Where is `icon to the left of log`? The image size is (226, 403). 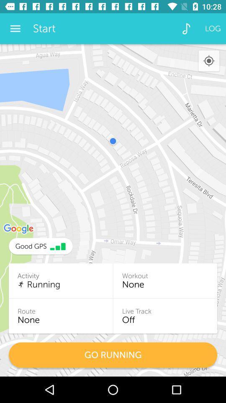 icon to the left of log is located at coordinates (186, 29).